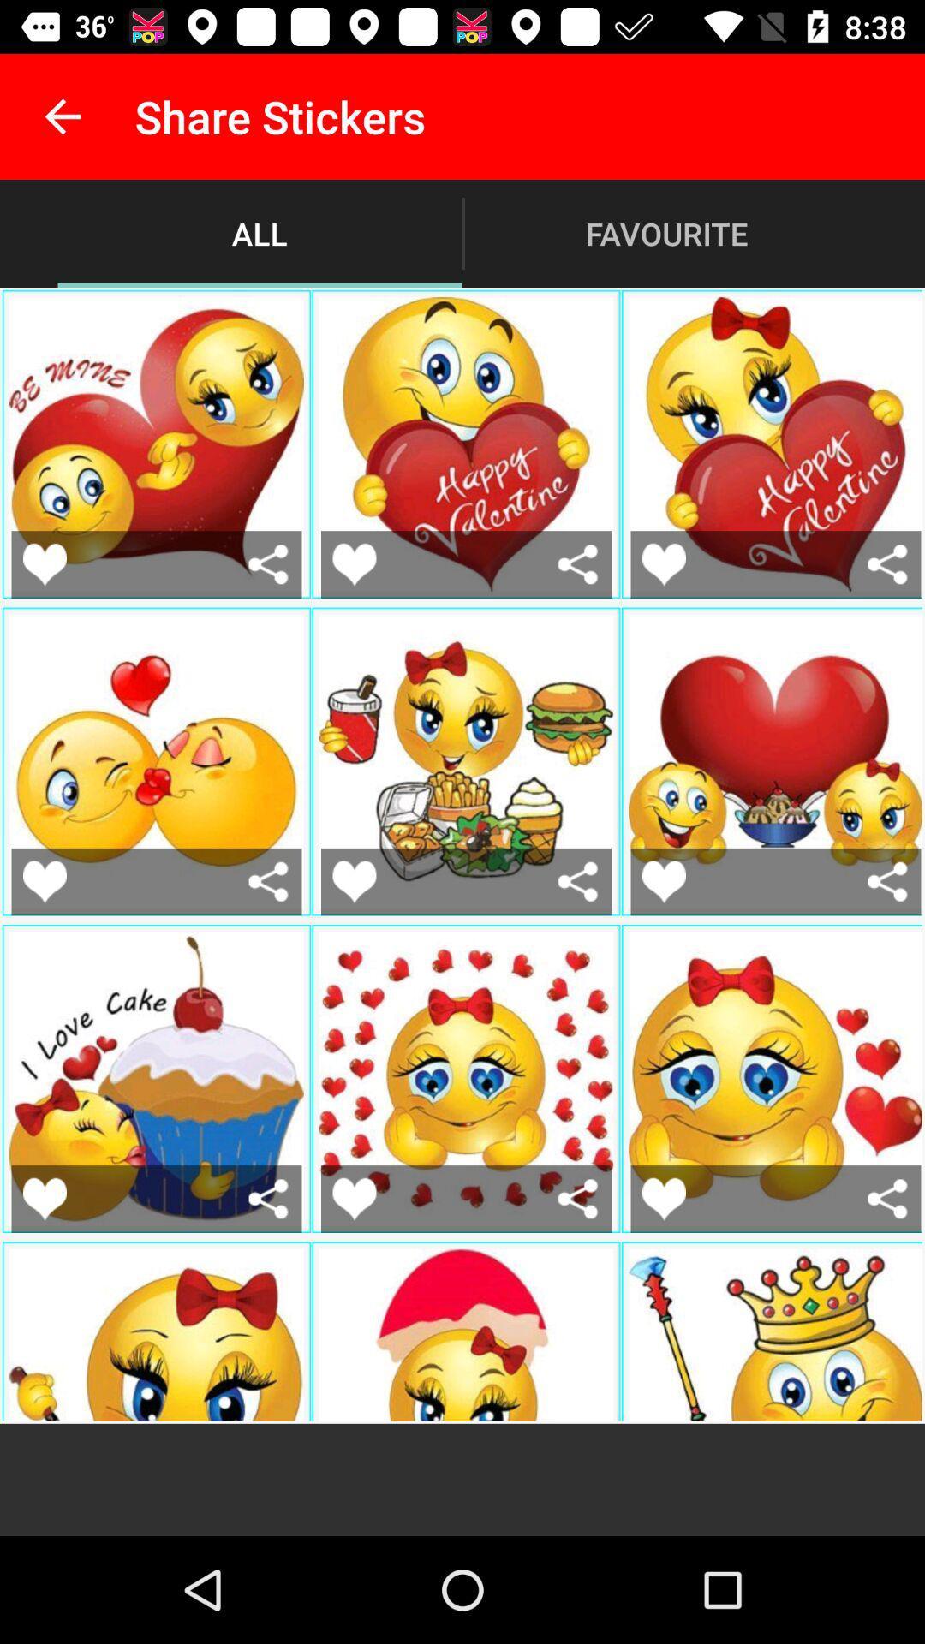 The image size is (925, 1644). I want to click on link this sticker, so click(886, 1198).